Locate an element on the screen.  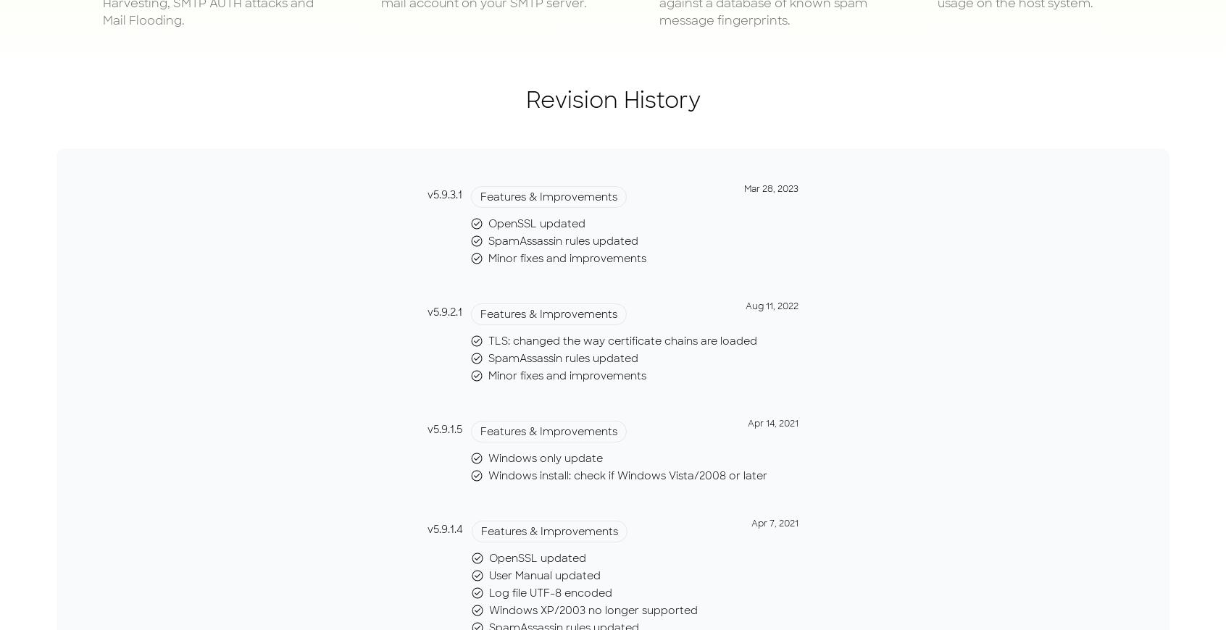
'Email Validator' is located at coordinates (654, 103).